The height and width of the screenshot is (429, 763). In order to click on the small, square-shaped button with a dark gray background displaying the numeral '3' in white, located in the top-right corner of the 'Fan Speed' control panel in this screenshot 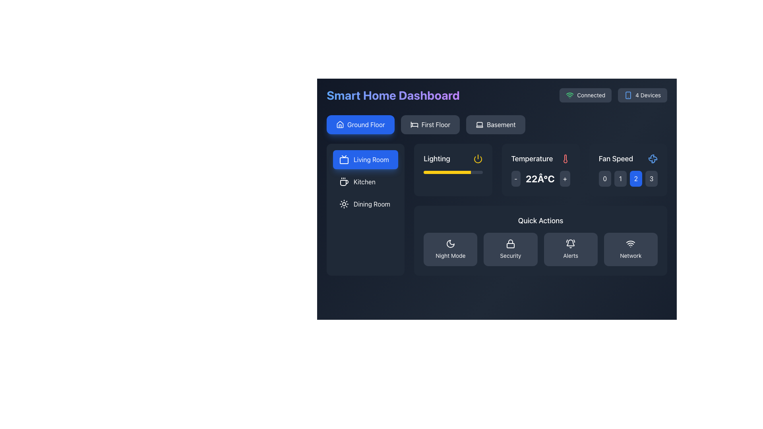, I will do `click(651, 179)`.